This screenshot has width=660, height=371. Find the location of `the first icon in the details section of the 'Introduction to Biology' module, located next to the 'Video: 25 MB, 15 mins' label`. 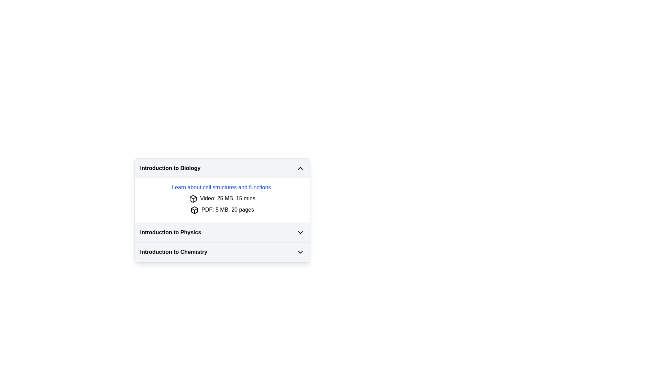

the first icon in the details section of the 'Introduction to Biology' module, located next to the 'Video: 25 MB, 15 mins' label is located at coordinates (193, 199).